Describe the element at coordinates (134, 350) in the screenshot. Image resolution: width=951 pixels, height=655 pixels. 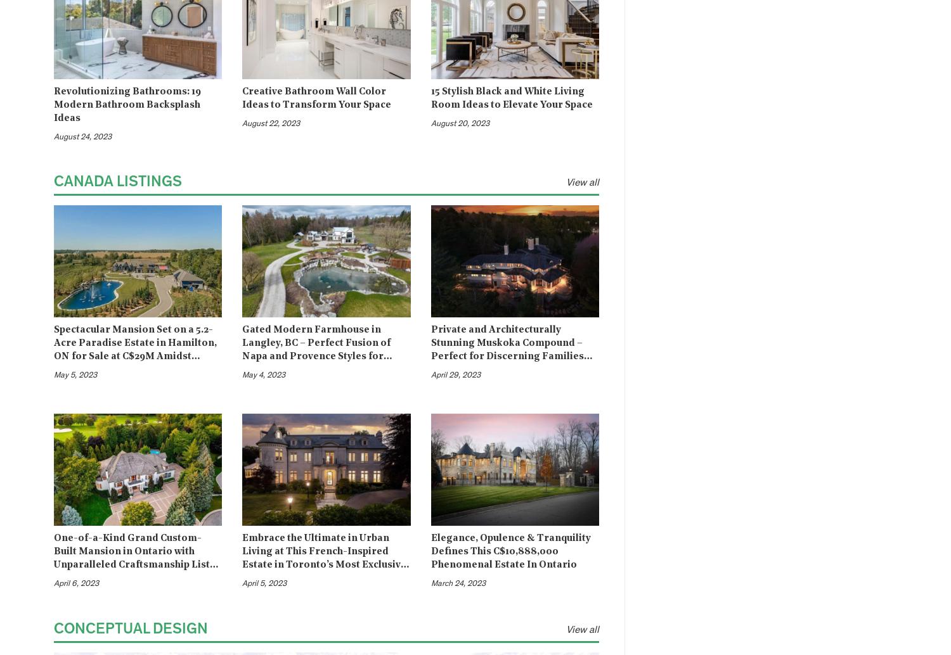
I see `'Spectacular Mansion Set on a 5.2-Acre Paradise Estate in Hamilton, ON for Sale at C$29M Amidst Peaceful Countryside'` at that location.